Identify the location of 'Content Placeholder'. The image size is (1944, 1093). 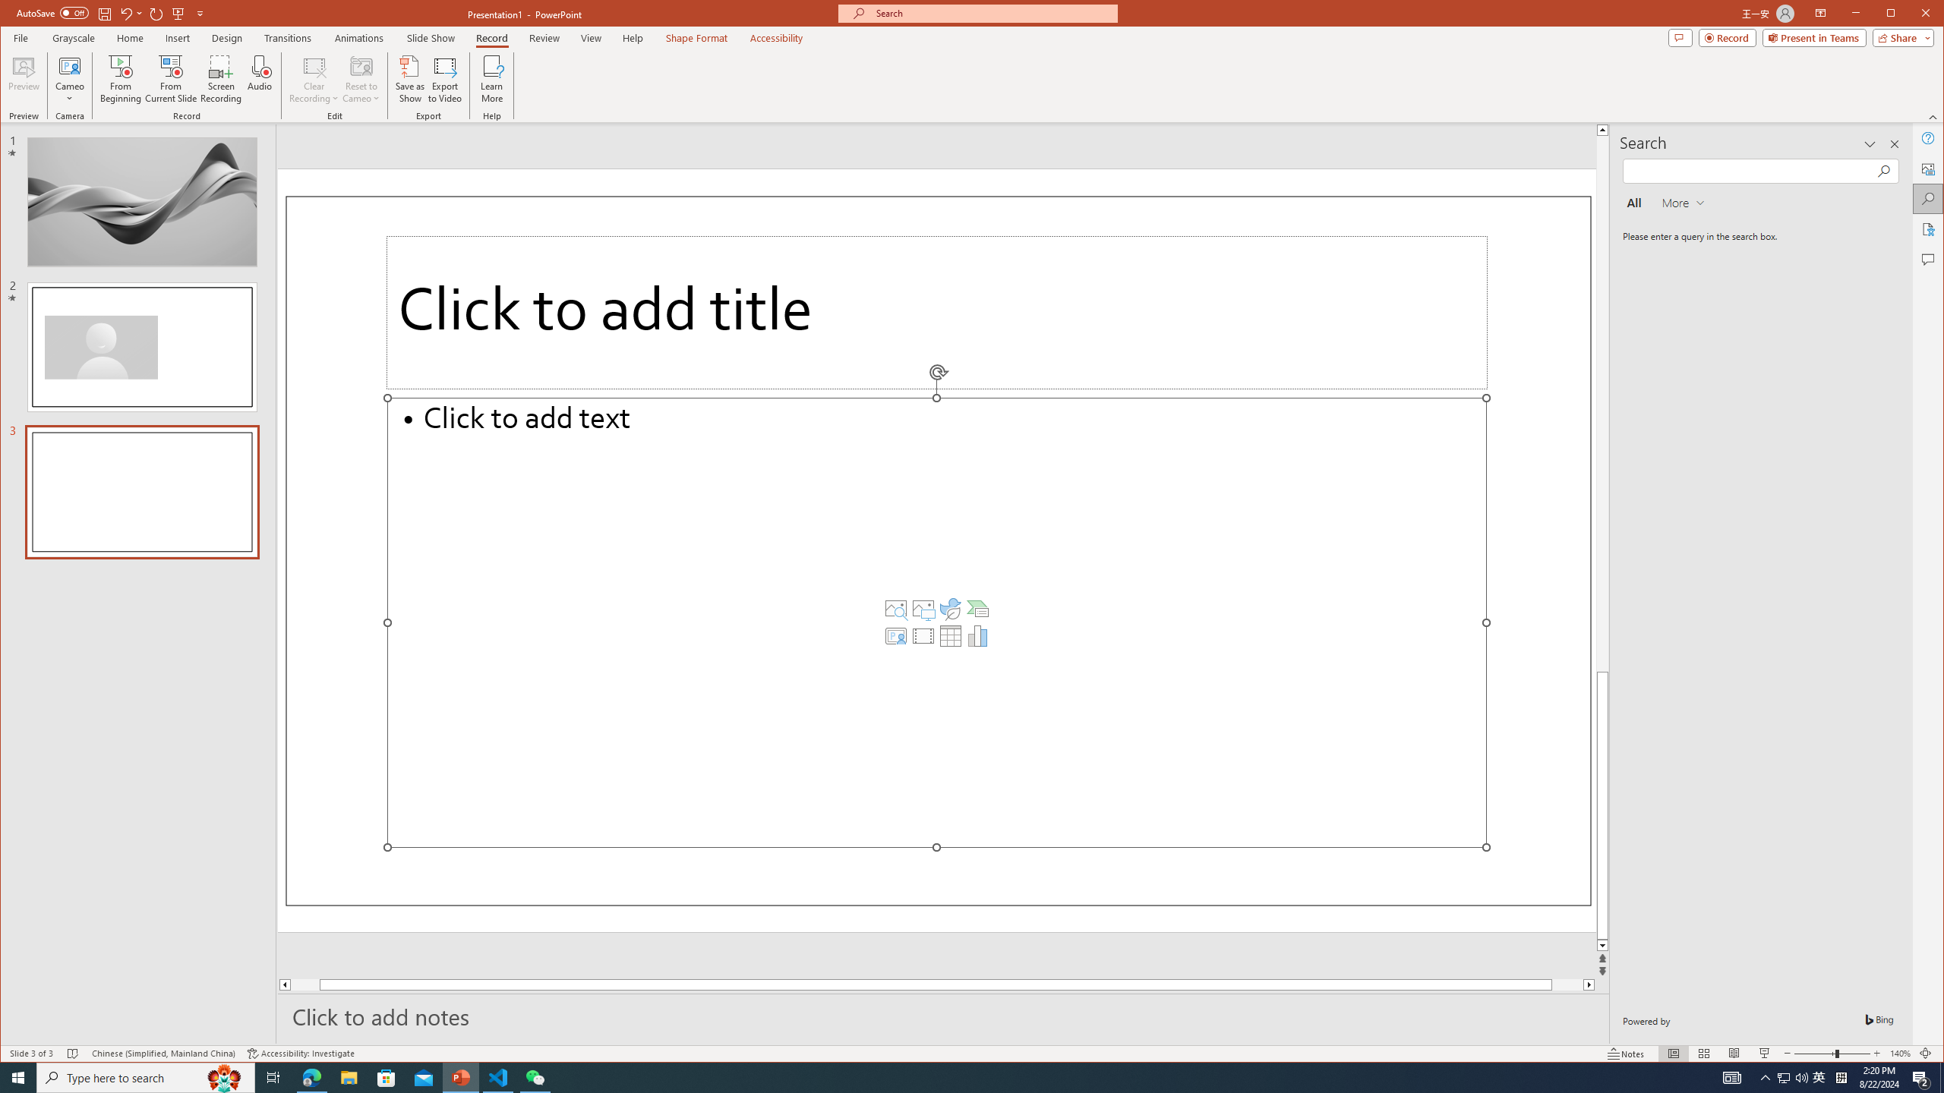
(936, 622).